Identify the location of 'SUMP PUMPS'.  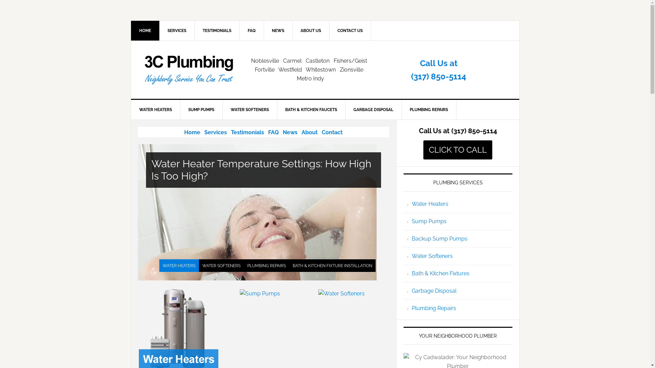
(201, 109).